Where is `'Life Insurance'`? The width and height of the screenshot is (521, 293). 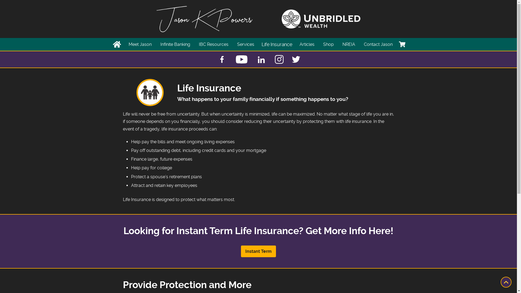
'Life Insurance' is located at coordinates (275, 43).